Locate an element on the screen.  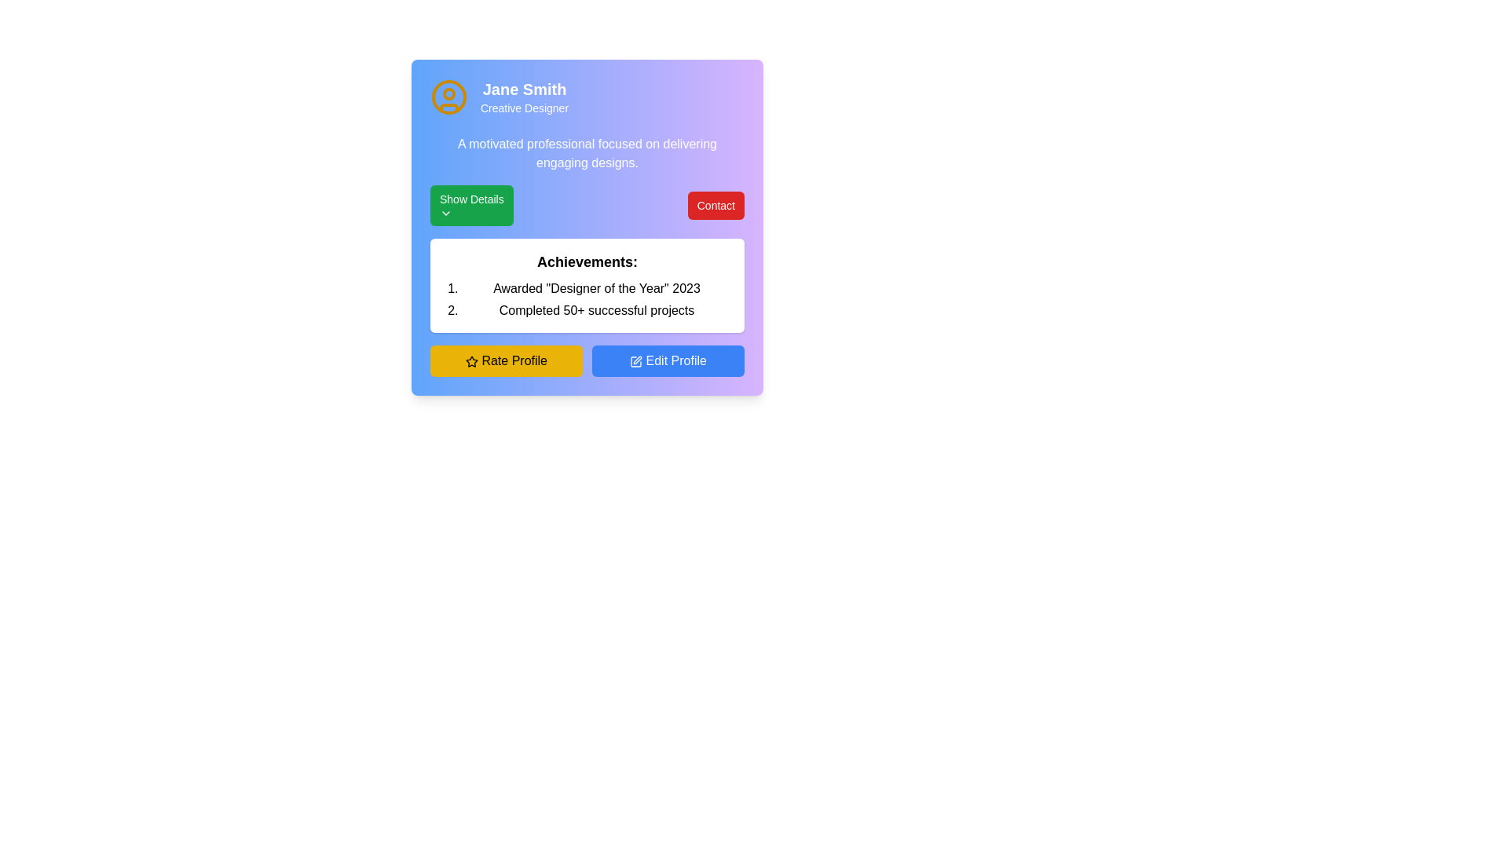
text label displaying 'Completed 50+ successful projects', which is the second item in the achievements list, positioned below the 'Awarded "Designer of the Year" 2023' text is located at coordinates (595, 311).